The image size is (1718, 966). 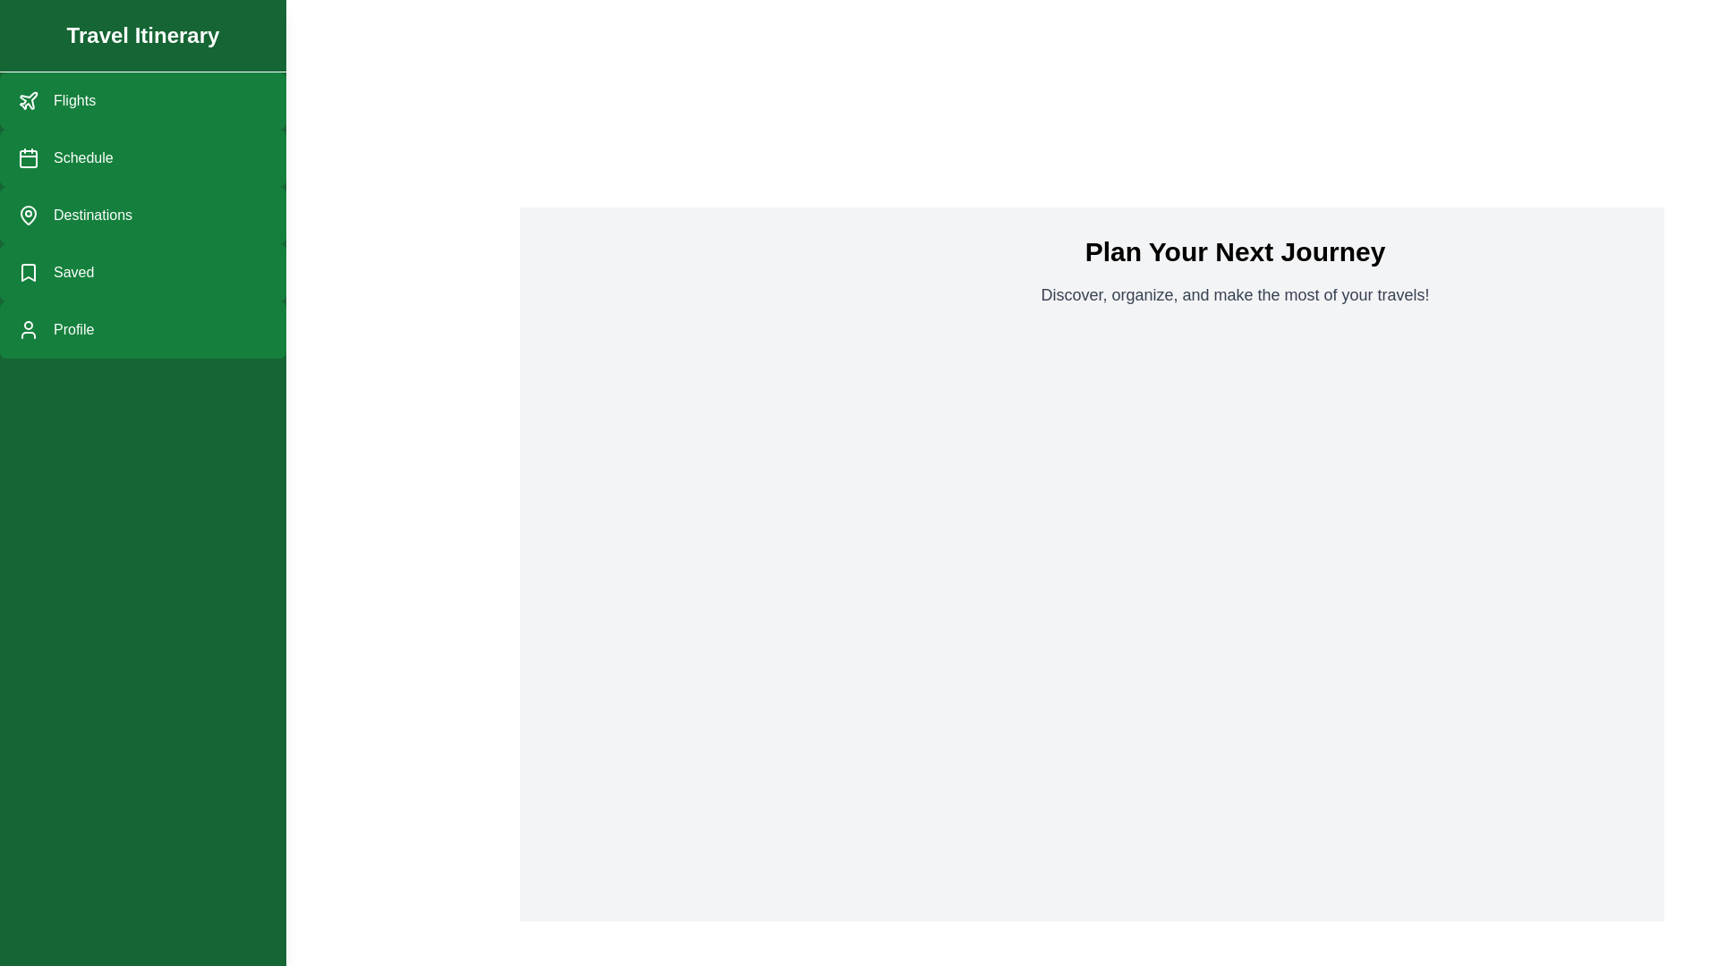 I want to click on the 'Flights' navigation icon located in the left-side menu, so click(x=29, y=100).